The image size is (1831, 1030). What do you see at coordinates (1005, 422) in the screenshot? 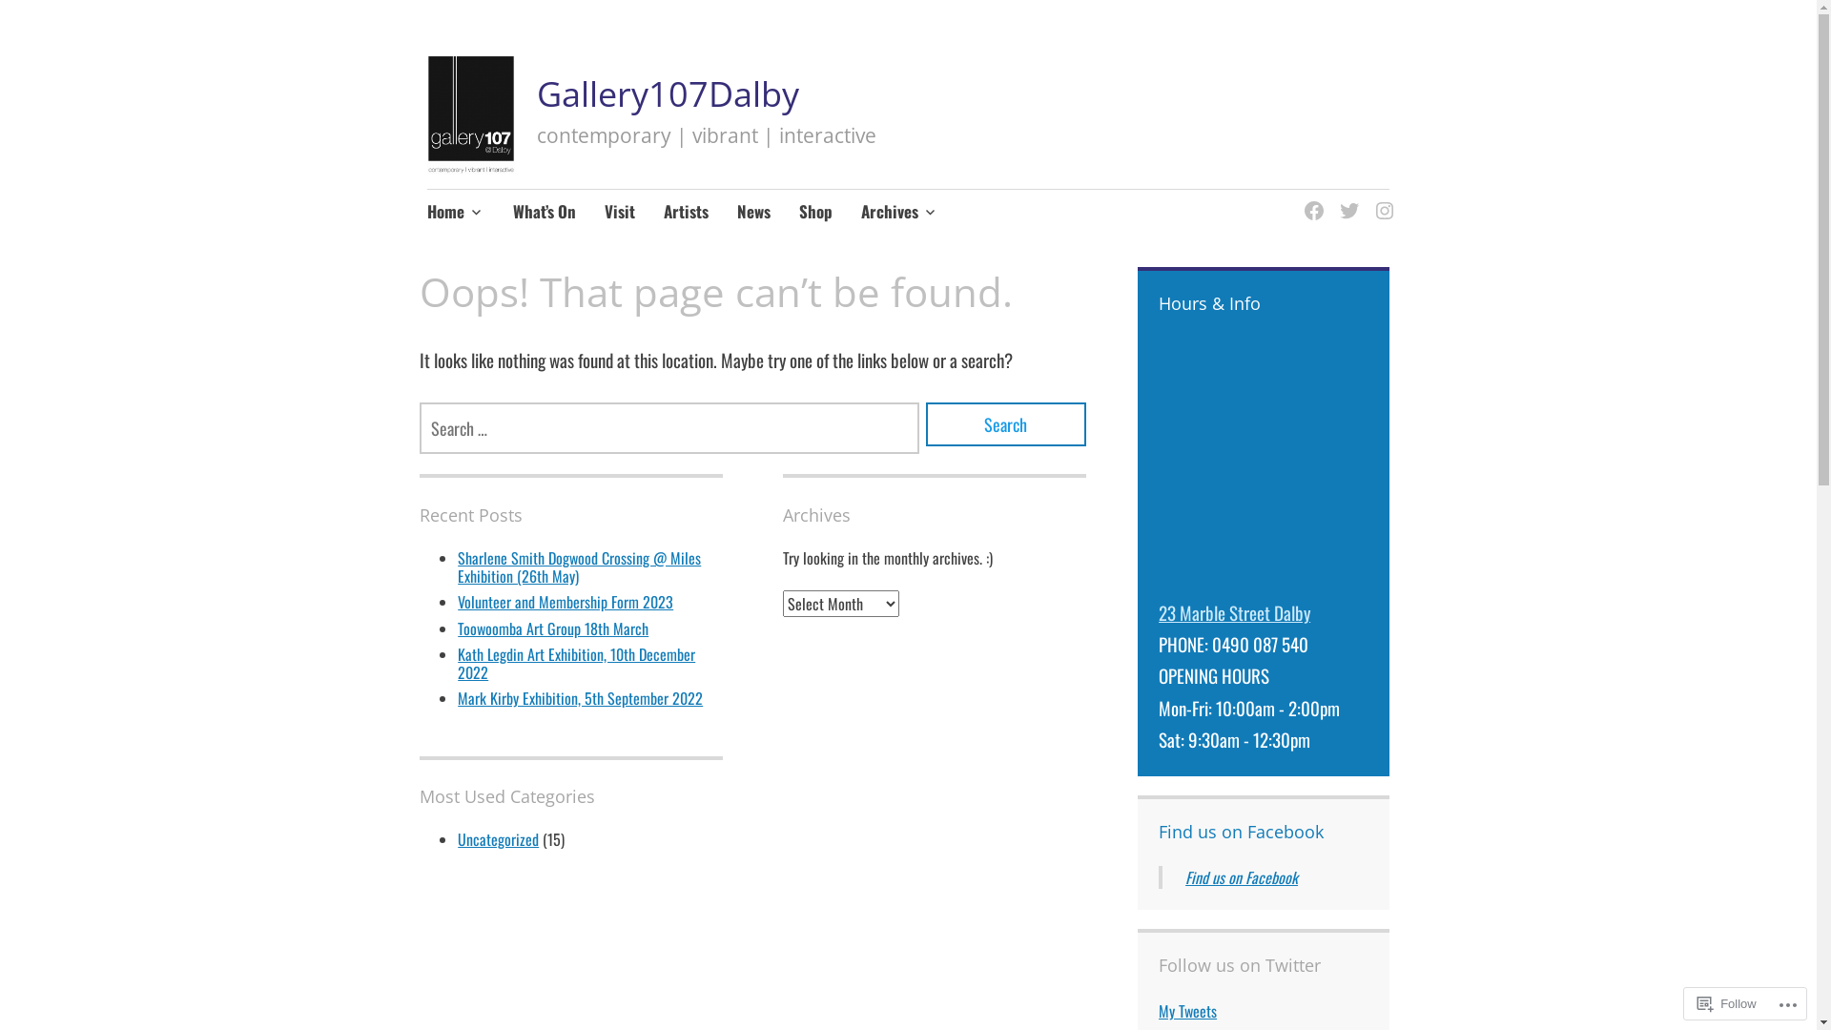
I see `'Search'` at bounding box center [1005, 422].